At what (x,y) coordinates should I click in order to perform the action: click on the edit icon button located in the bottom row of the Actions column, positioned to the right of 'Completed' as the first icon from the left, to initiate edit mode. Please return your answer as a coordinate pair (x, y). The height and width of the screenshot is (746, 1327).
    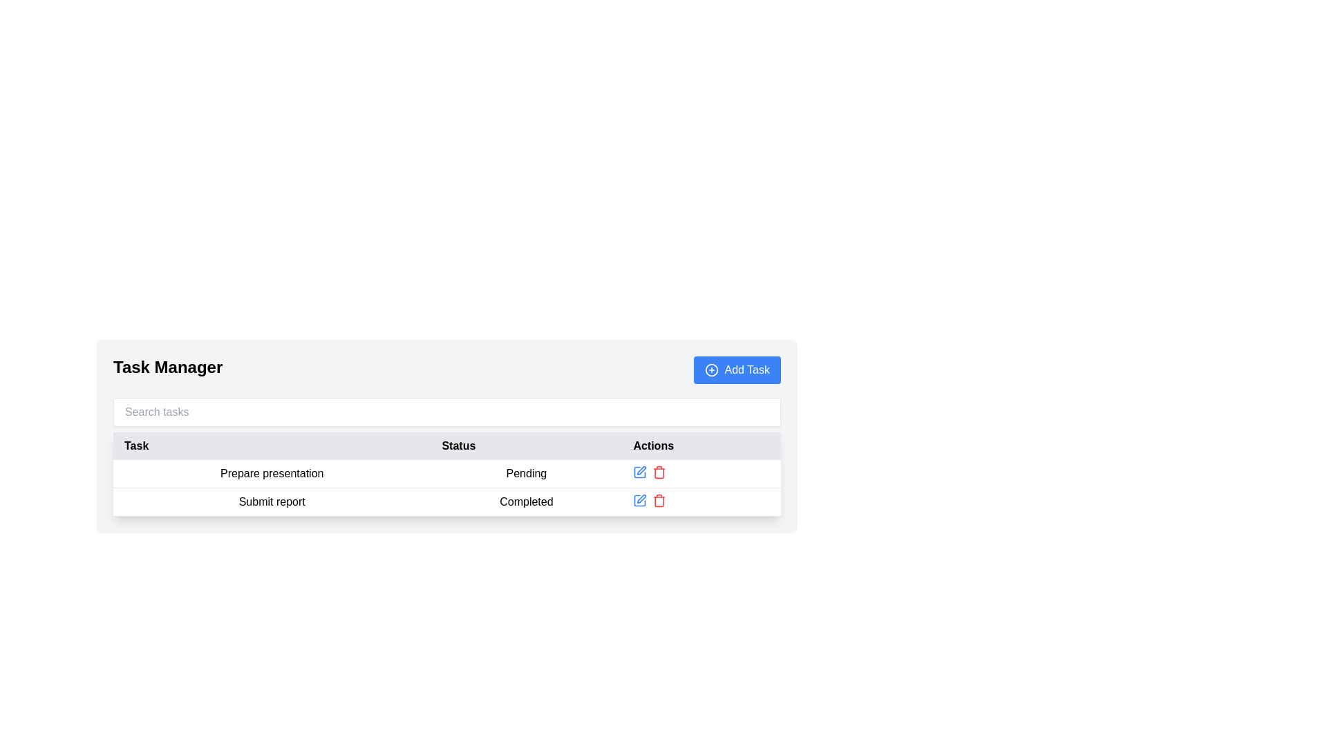
    Looking at the image, I should click on (641, 499).